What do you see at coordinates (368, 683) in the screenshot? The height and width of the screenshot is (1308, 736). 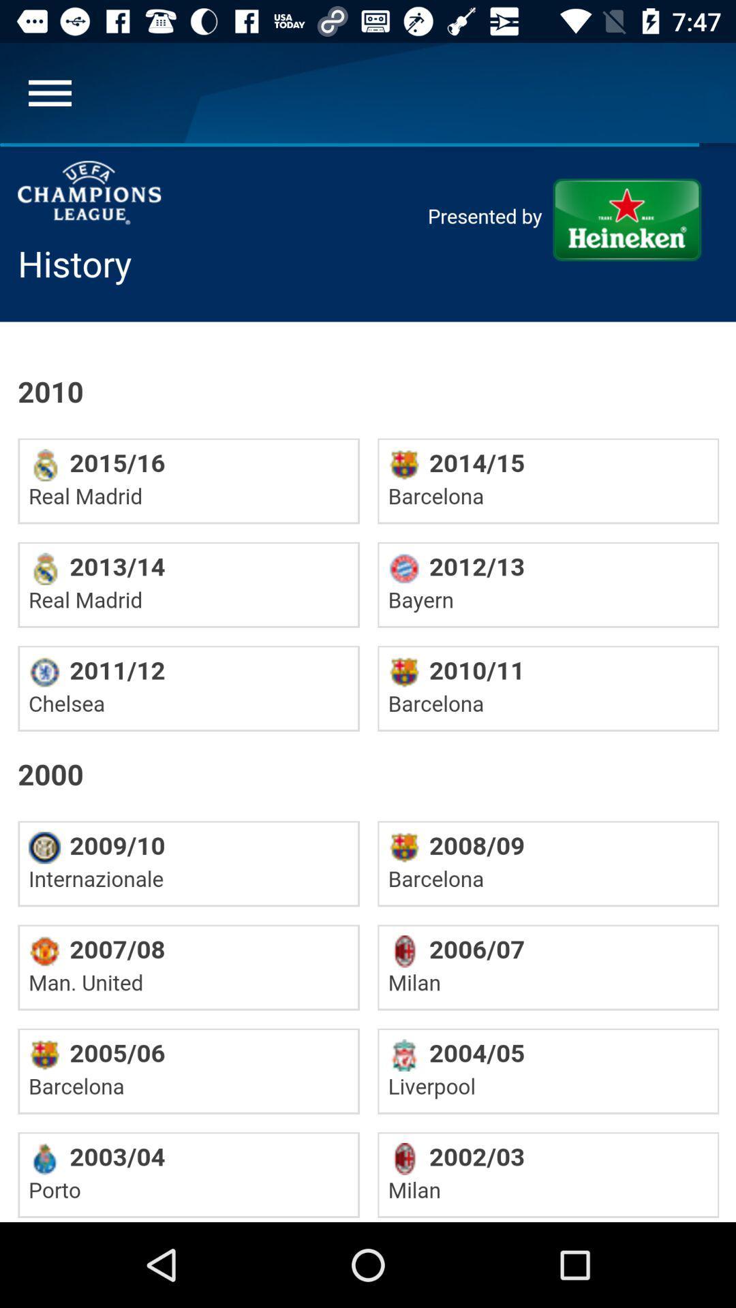 I see `color page` at bounding box center [368, 683].